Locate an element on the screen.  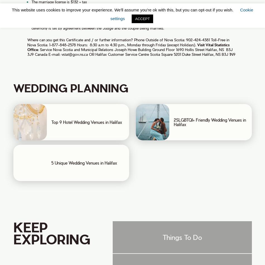
'Joseph Howe Building' is located at coordinates (132, 49).